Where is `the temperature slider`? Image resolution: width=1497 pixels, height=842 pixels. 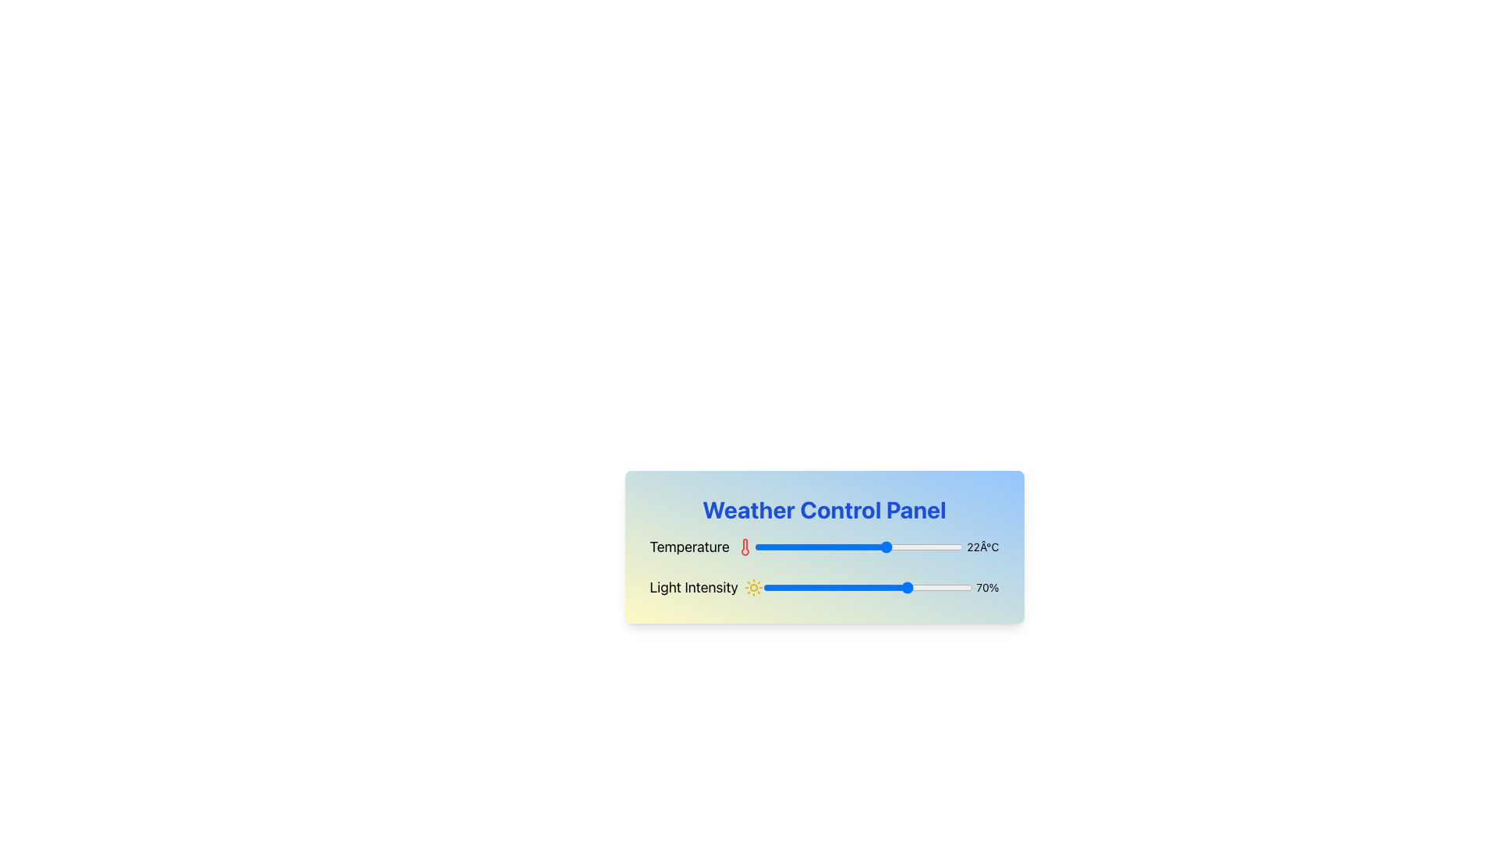
the temperature slider is located at coordinates (800, 547).